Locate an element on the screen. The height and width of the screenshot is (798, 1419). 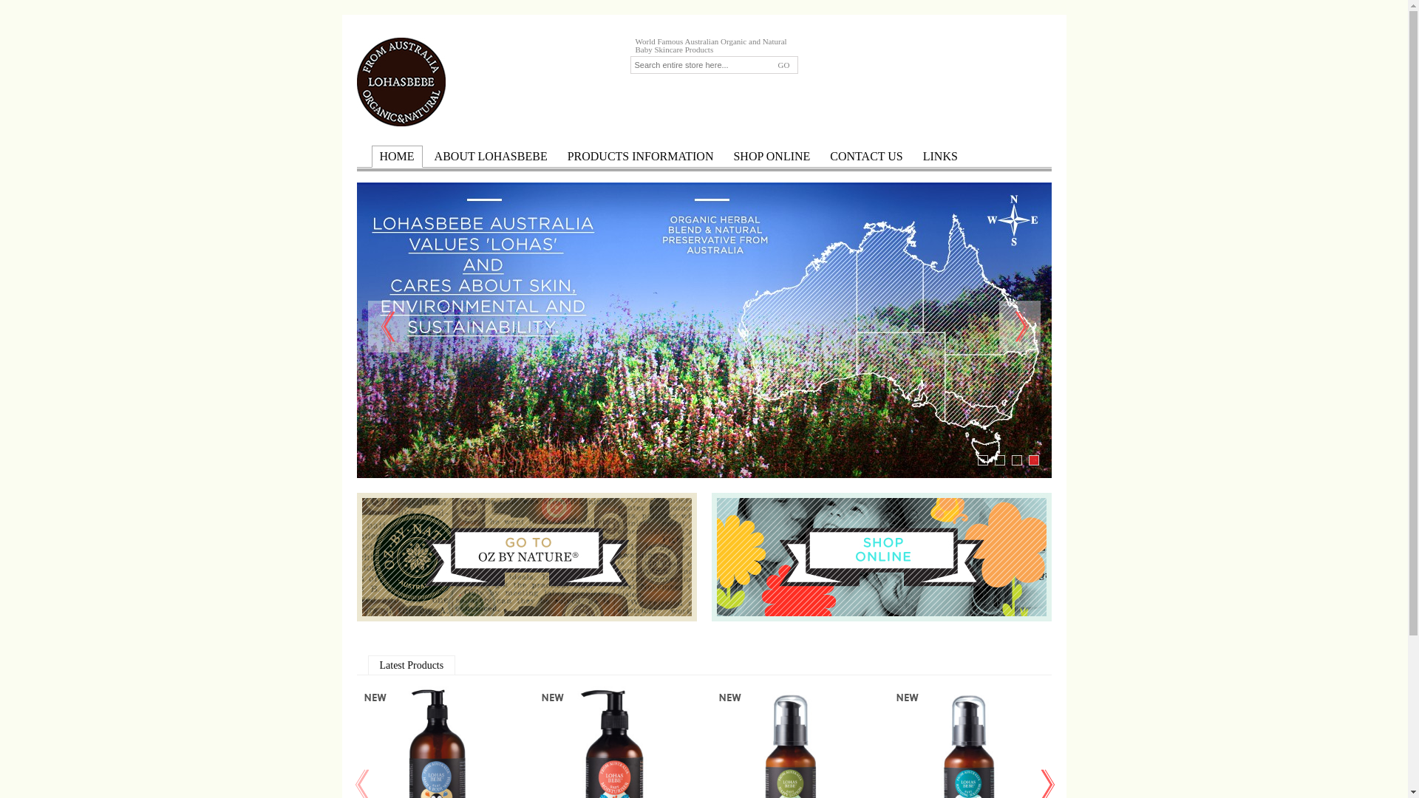
'SHOP ONLINE' is located at coordinates (726, 156).